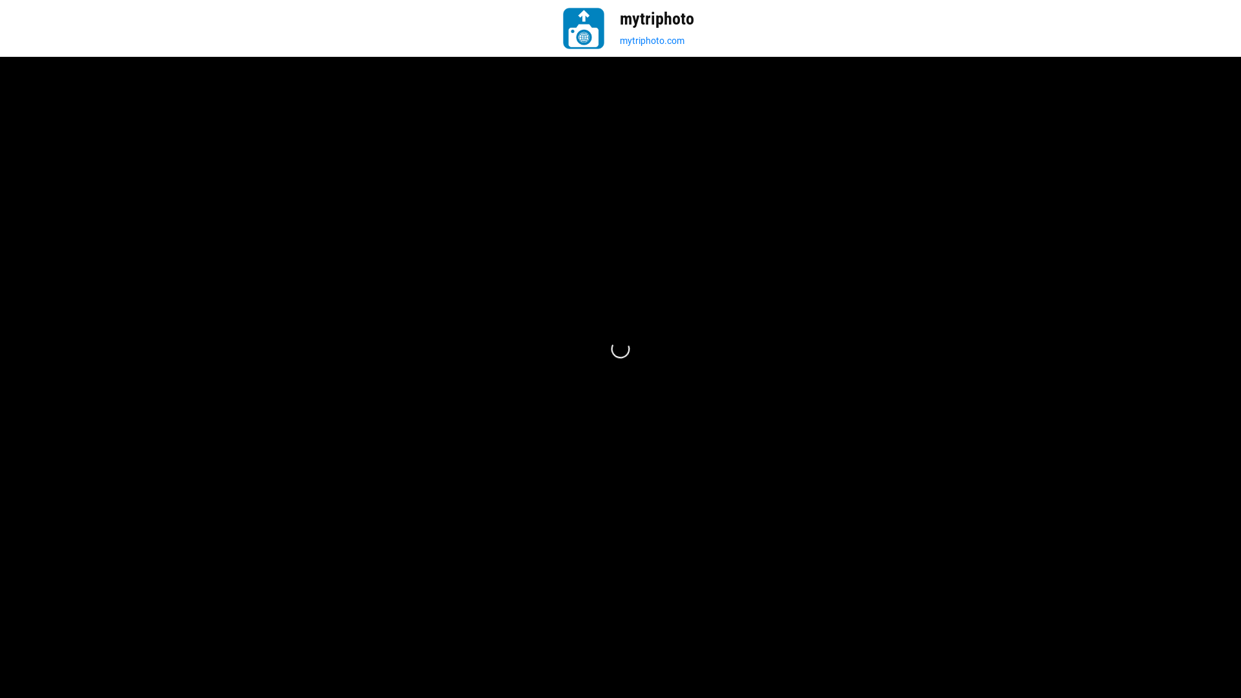 This screenshot has height=698, width=1241. What do you see at coordinates (619, 40) in the screenshot?
I see `'mytriphoto.com'` at bounding box center [619, 40].